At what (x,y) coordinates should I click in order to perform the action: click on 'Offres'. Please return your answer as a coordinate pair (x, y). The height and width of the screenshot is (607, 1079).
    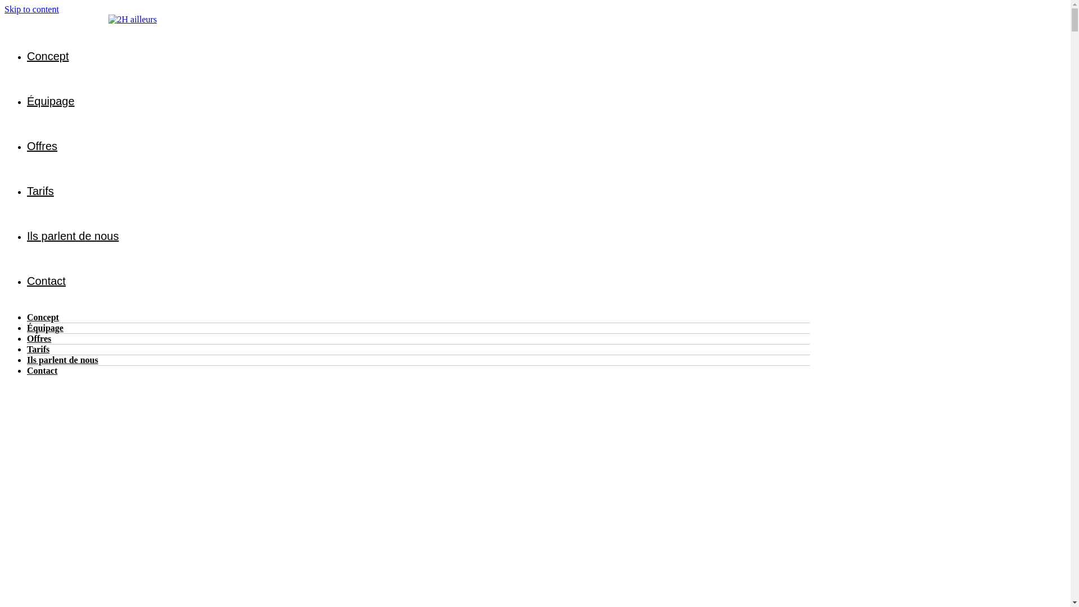
    Looking at the image, I should click on (39, 338).